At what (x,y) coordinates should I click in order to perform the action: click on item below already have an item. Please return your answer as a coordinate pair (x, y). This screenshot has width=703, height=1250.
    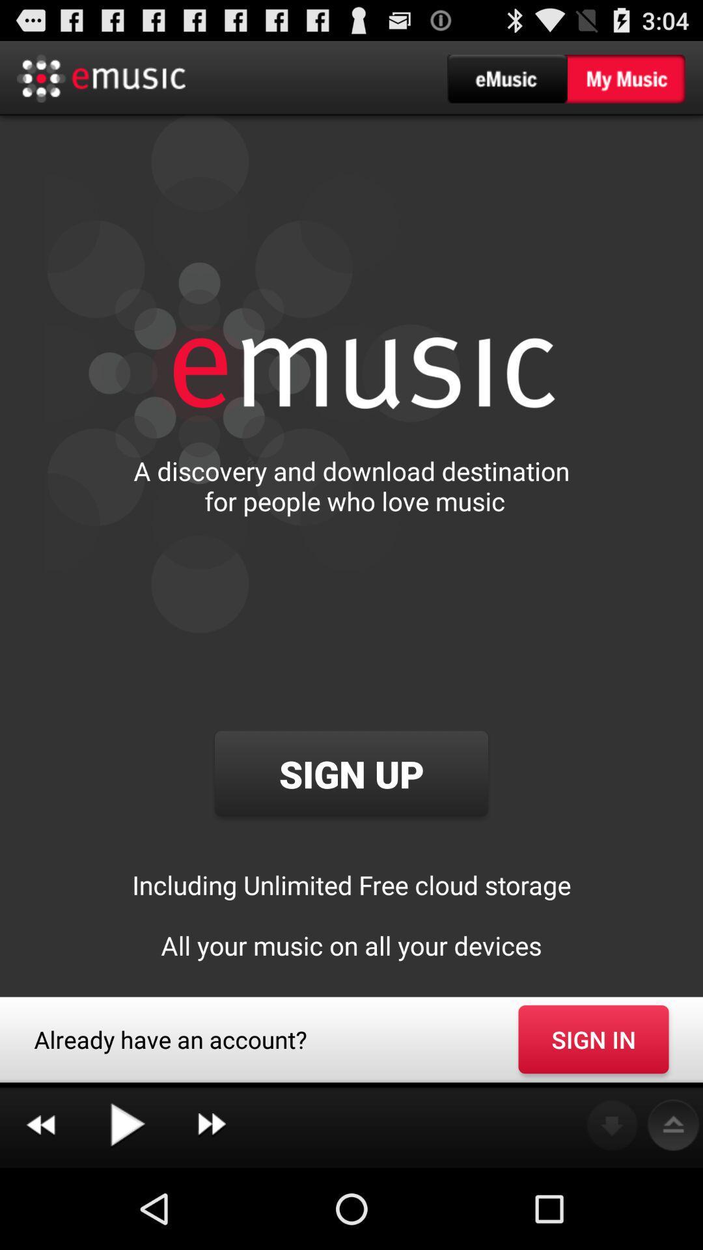
    Looking at the image, I should click on (40, 1125).